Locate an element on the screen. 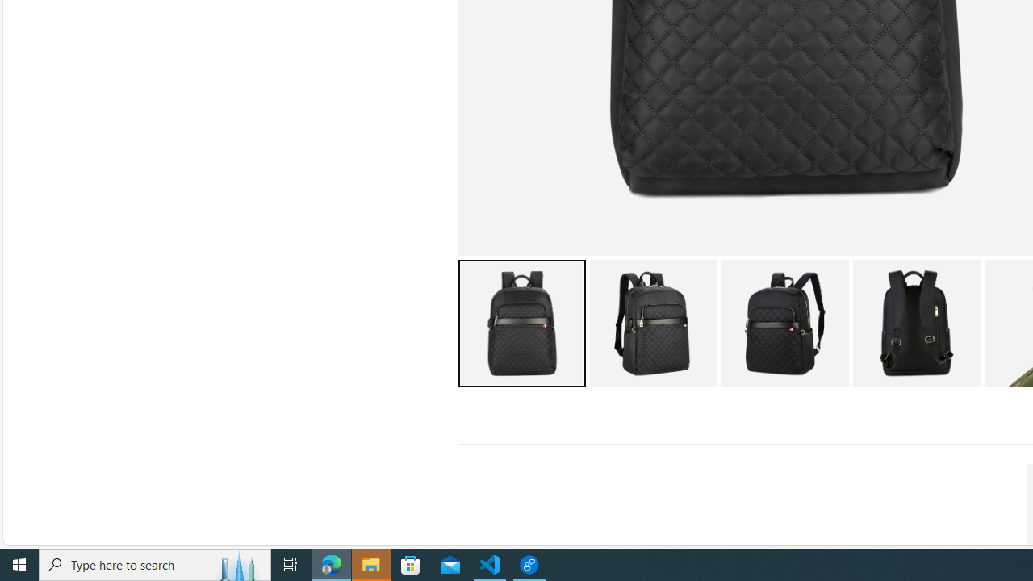  'Type here to search' is located at coordinates (155, 563).